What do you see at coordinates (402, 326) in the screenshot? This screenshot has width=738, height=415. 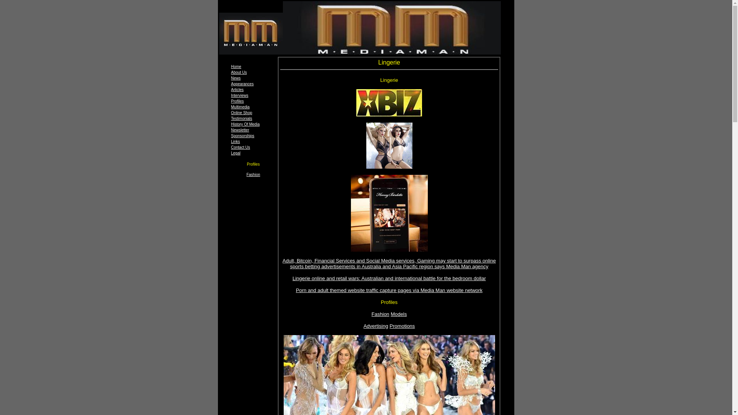 I see `'Promotions'` at bounding box center [402, 326].